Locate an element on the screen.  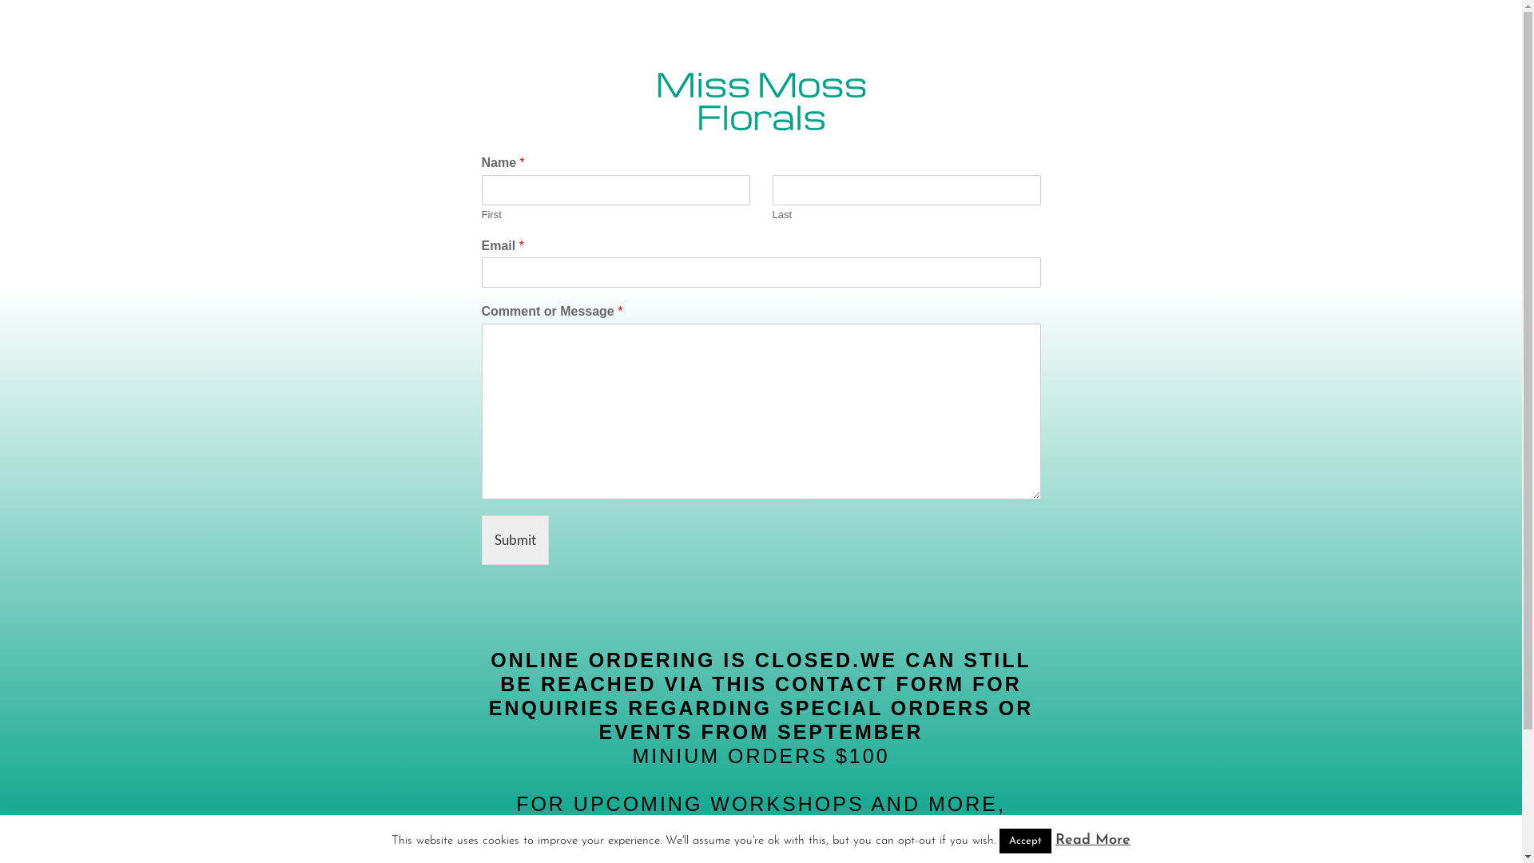
'Submit' is located at coordinates (479, 539).